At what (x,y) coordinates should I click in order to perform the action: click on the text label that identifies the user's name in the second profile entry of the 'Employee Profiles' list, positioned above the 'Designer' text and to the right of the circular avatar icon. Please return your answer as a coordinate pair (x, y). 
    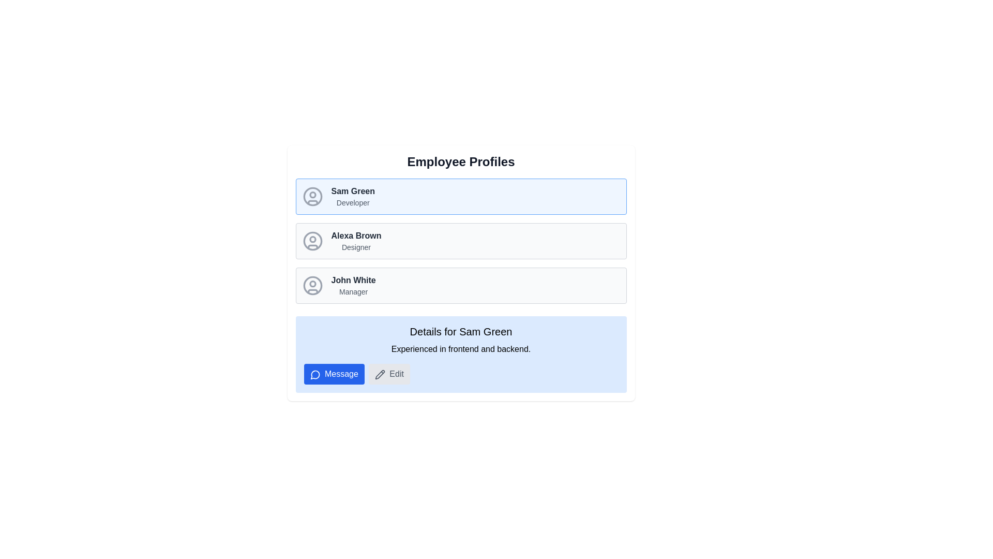
    Looking at the image, I should click on (356, 236).